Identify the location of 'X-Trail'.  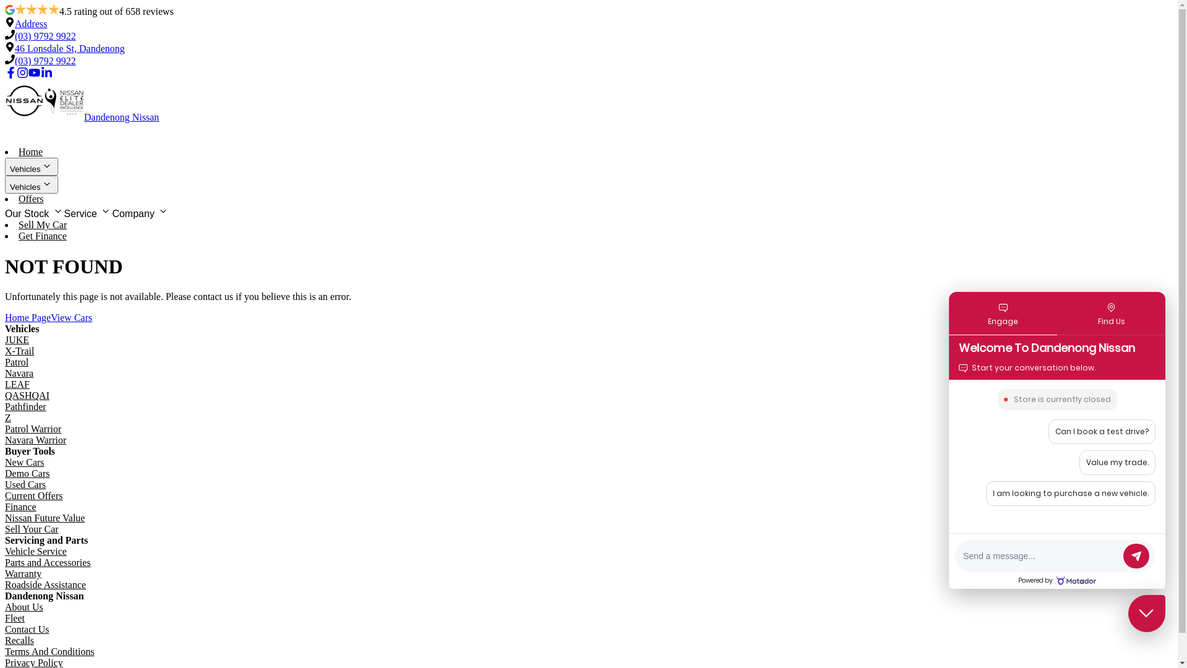
(19, 351).